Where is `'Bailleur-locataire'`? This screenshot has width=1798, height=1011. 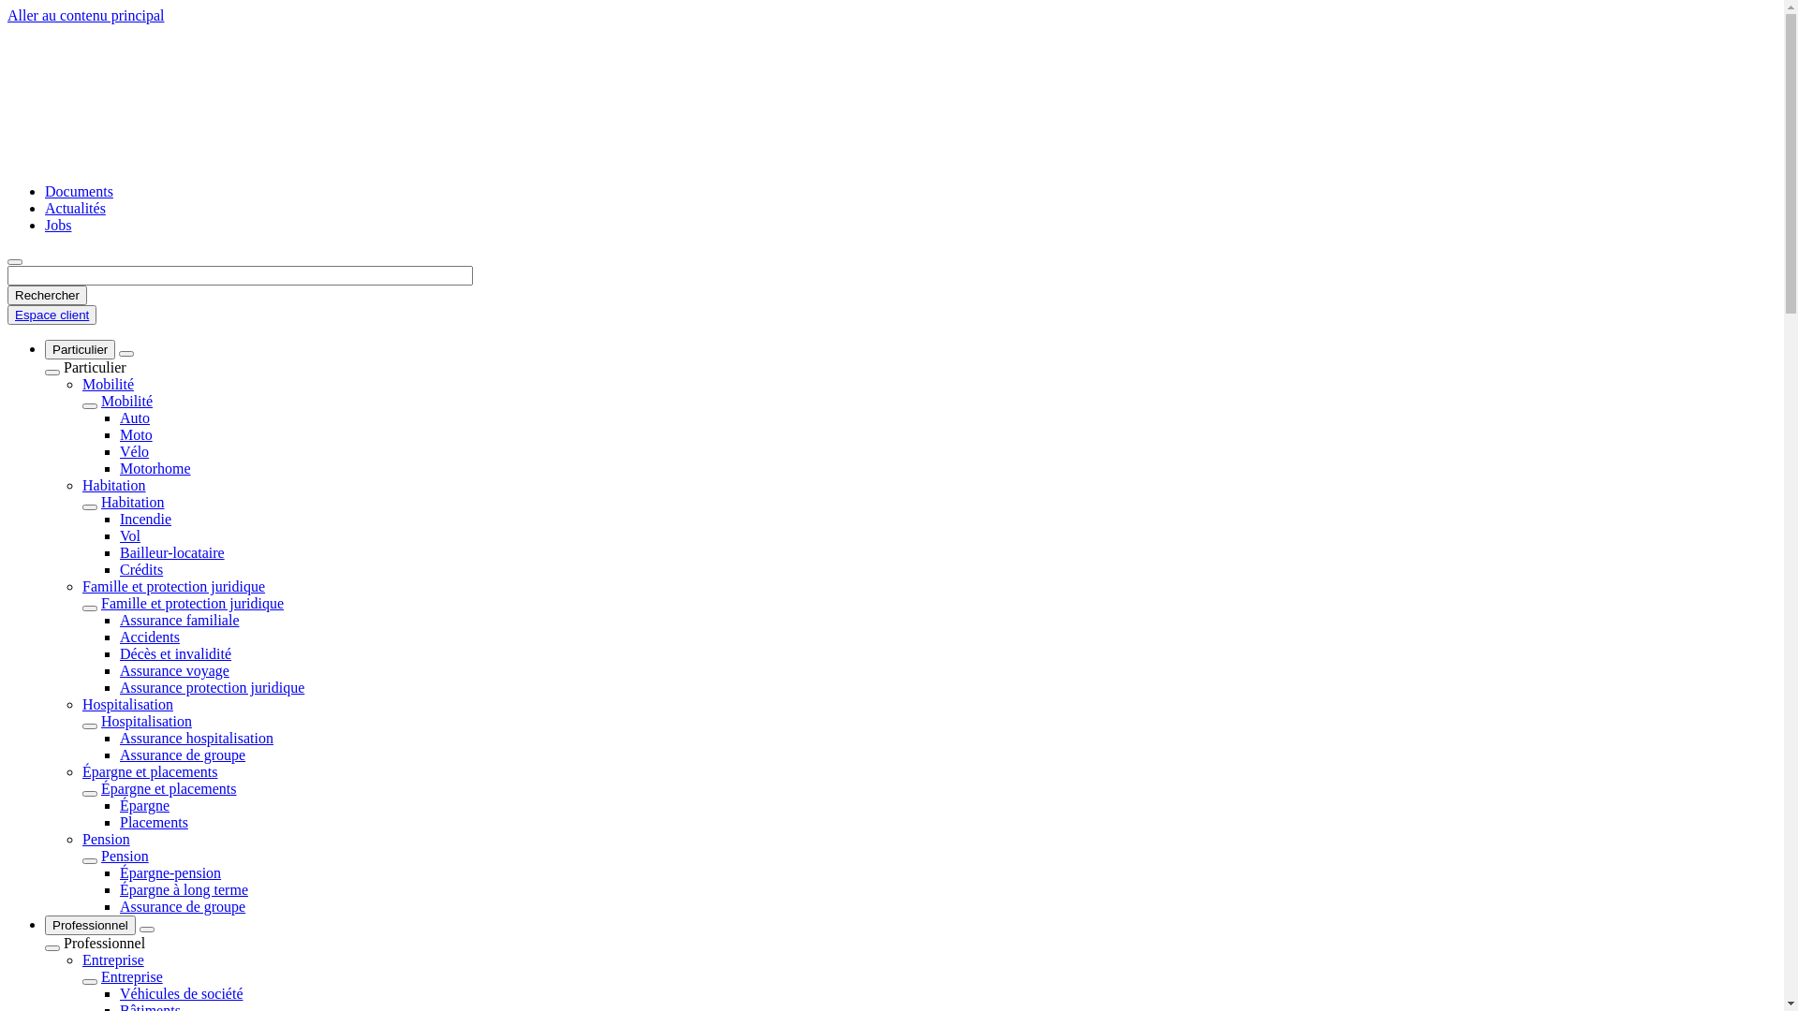 'Bailleur-locataire' is located at coordinates (171, 551).